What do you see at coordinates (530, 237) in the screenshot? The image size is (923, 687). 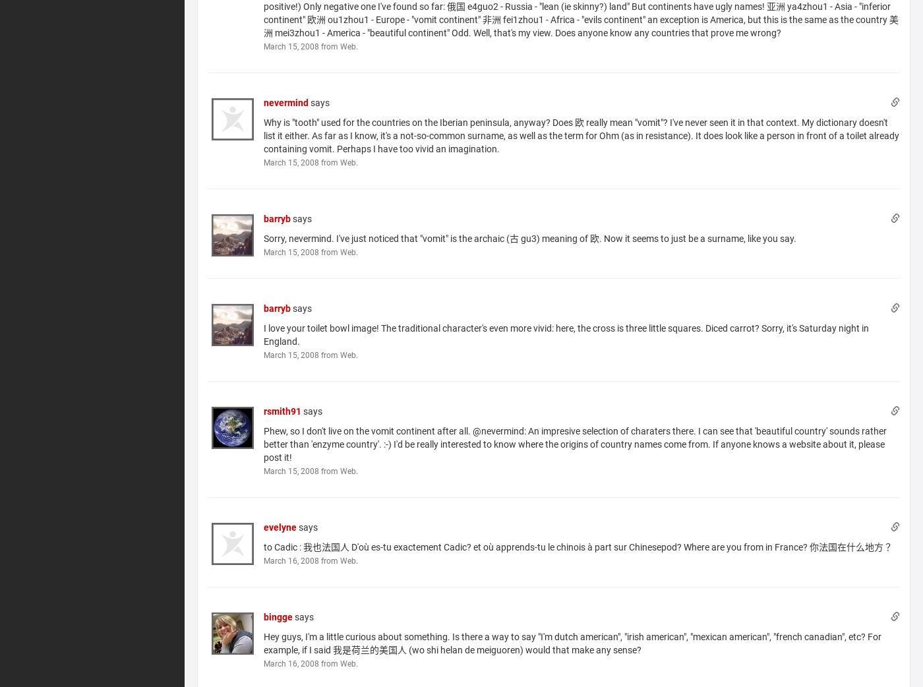 I see `'Sorry, nevermind. I've just noticed that "vomit" is the archaic  (古 gu3) meaning of 欧. Now it seems to just be a surname, like you say.'` at bounding box center [530, 237].